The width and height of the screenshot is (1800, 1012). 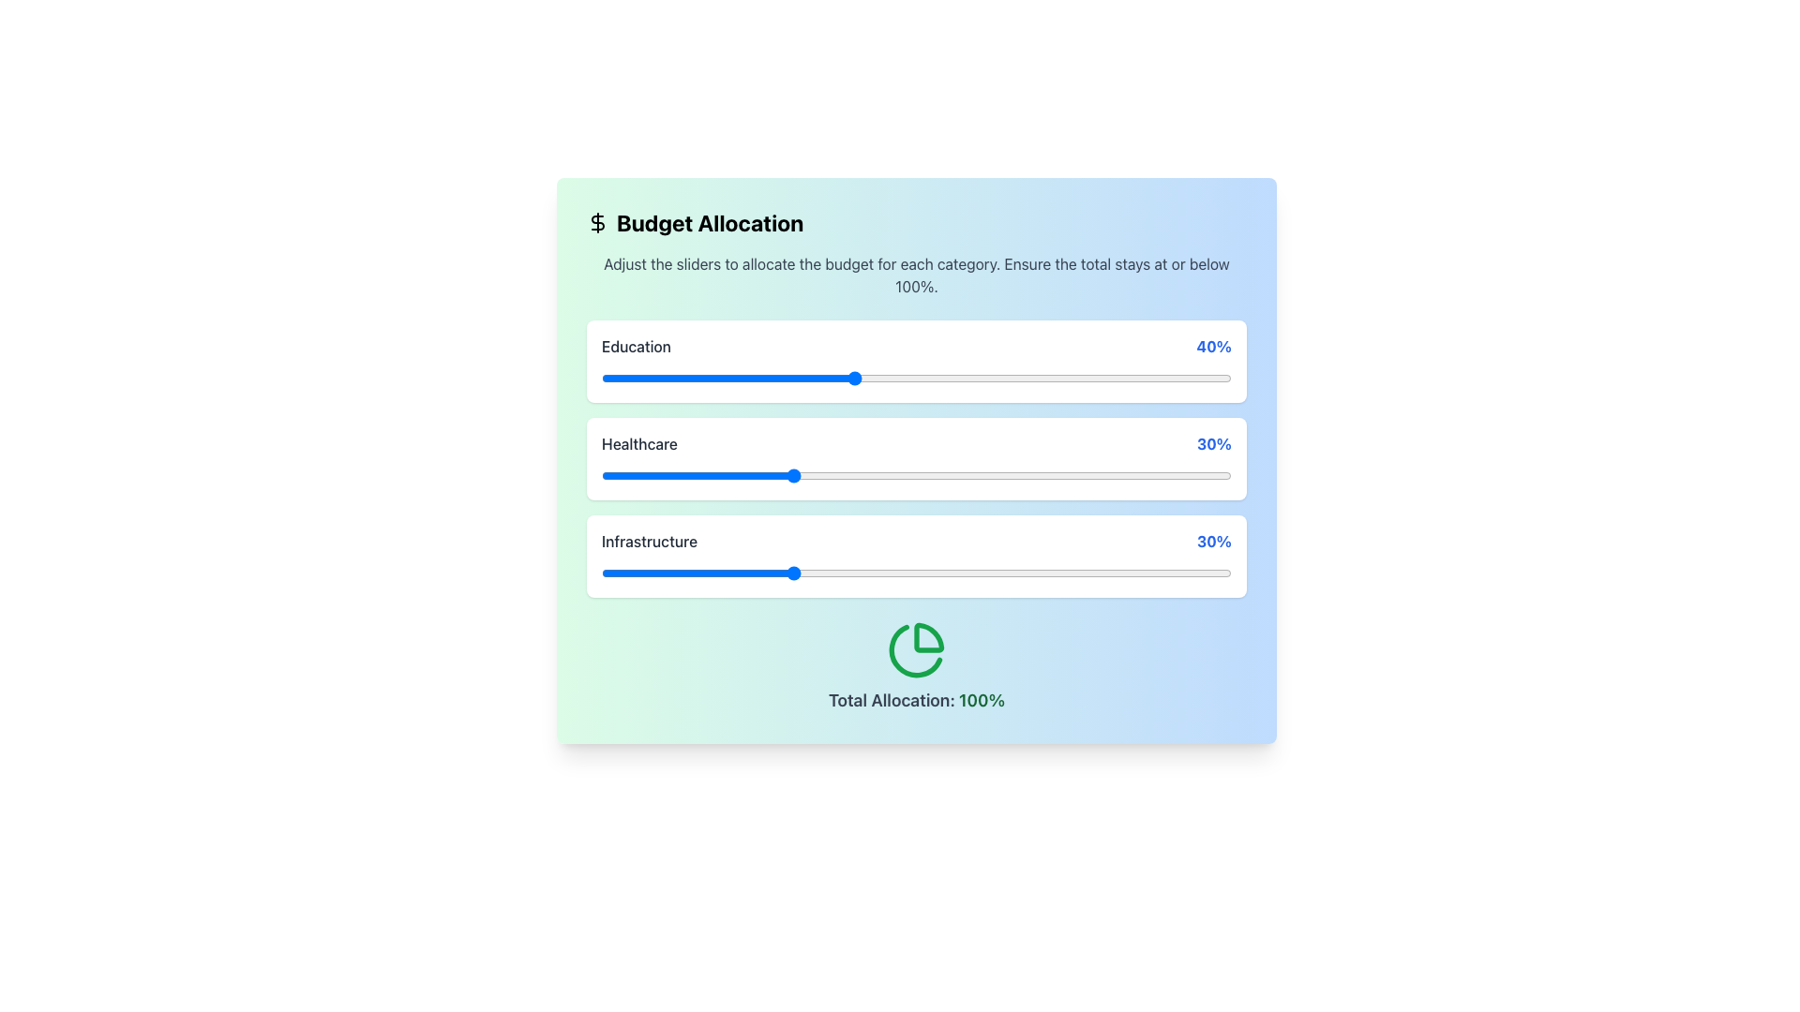 What do you see at coordinates (884, 475) in the screenshot?
I see `healthcare budget allocation` at bounding box center [884, 475].